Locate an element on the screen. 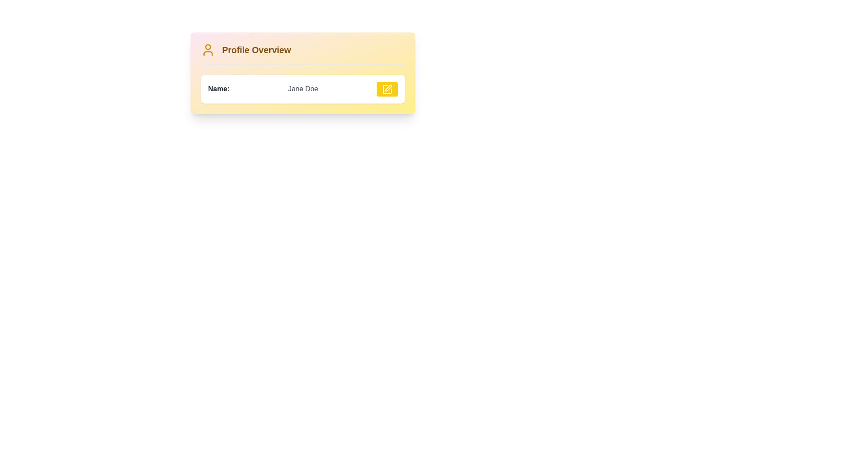 This screenshot has height=474, width=843. the 'Name:' text label, which is displayed in bold grayish-black font within a light-colored card-like section, positioned to the left of the 'Jane Doe' text is located at coordinates (219, 89).